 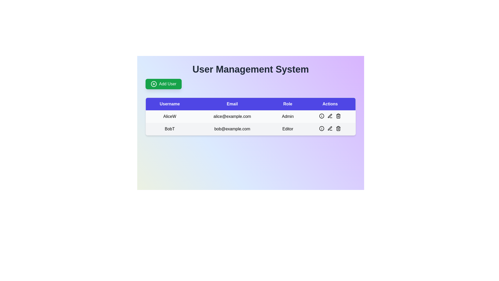 I want to click on the 'Role' label, which has a blue background and white text, positioned between the 'Email' and 'Actions' headers in a table-like layout, so click(x=287, y=104).